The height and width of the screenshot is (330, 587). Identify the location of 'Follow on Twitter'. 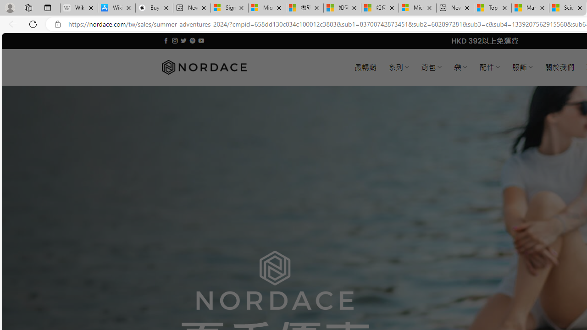
(183, 40).